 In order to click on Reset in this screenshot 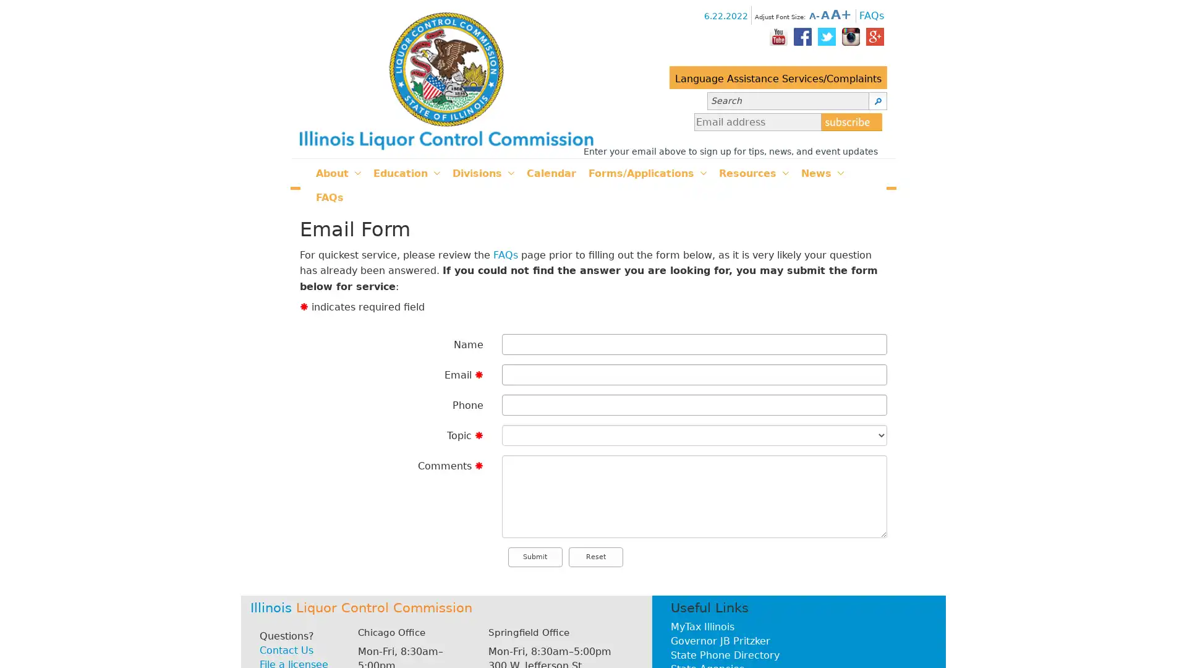, I will do `click(595, 557)`.